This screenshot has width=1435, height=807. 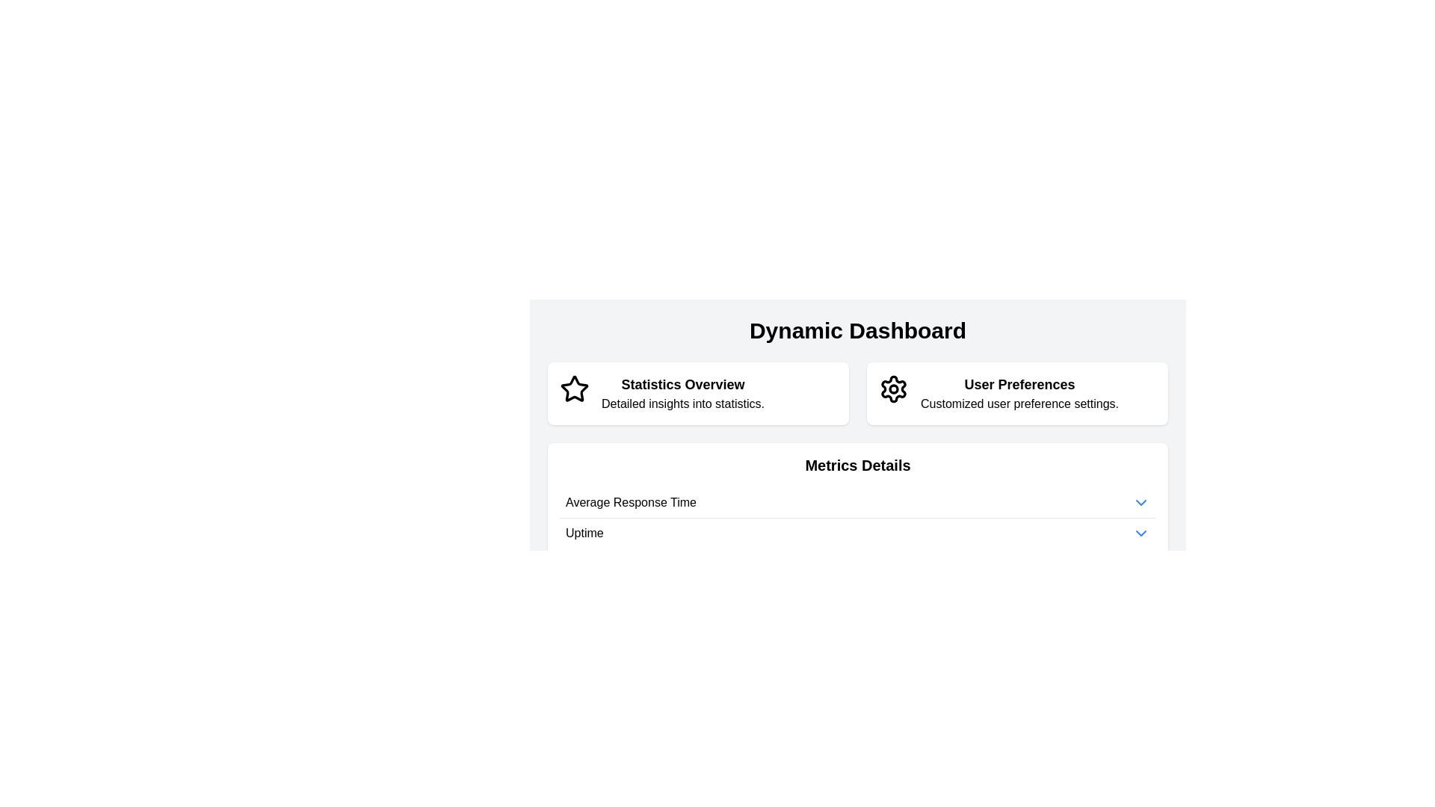 I want to click on static text that provides additional descriptive information explaining the title 'Statistics Overview', located beneath the title within the left section of the row of cards under 'Dynamic Dashboard', so click(x=682, y=403).